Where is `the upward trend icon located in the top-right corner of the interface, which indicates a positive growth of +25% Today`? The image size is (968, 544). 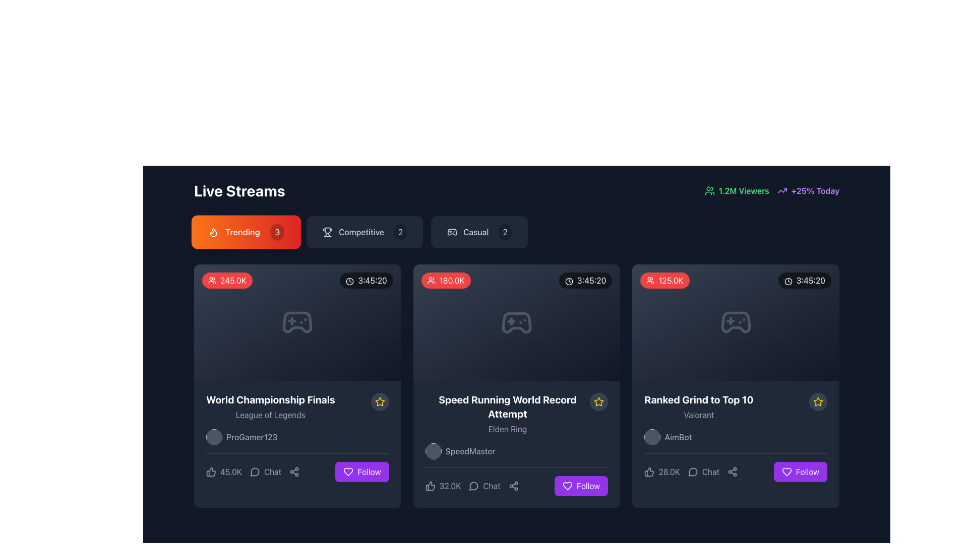 the upward trend icon located in the top-right corner of the interface, which indicates a positive growth of +25% Today is located at coordinates (781, 190).